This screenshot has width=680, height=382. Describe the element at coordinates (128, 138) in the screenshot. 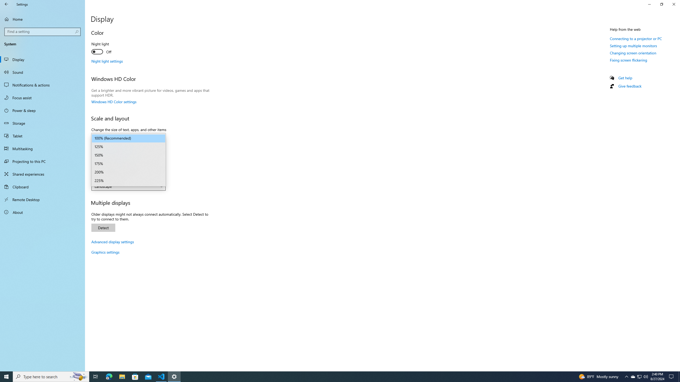

I see `'Change the size of text, apps, and other items'` at that location.